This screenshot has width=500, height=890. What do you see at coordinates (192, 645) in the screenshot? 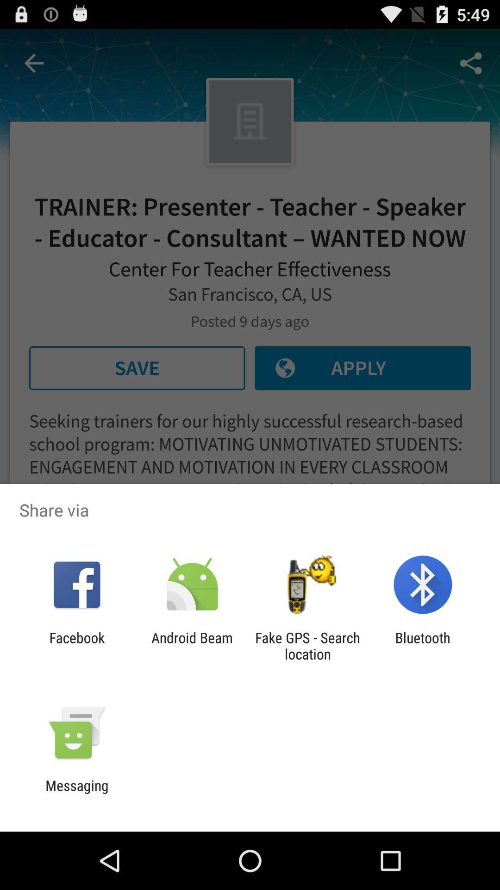
I see `android beam` at bounding box center [192, 645].